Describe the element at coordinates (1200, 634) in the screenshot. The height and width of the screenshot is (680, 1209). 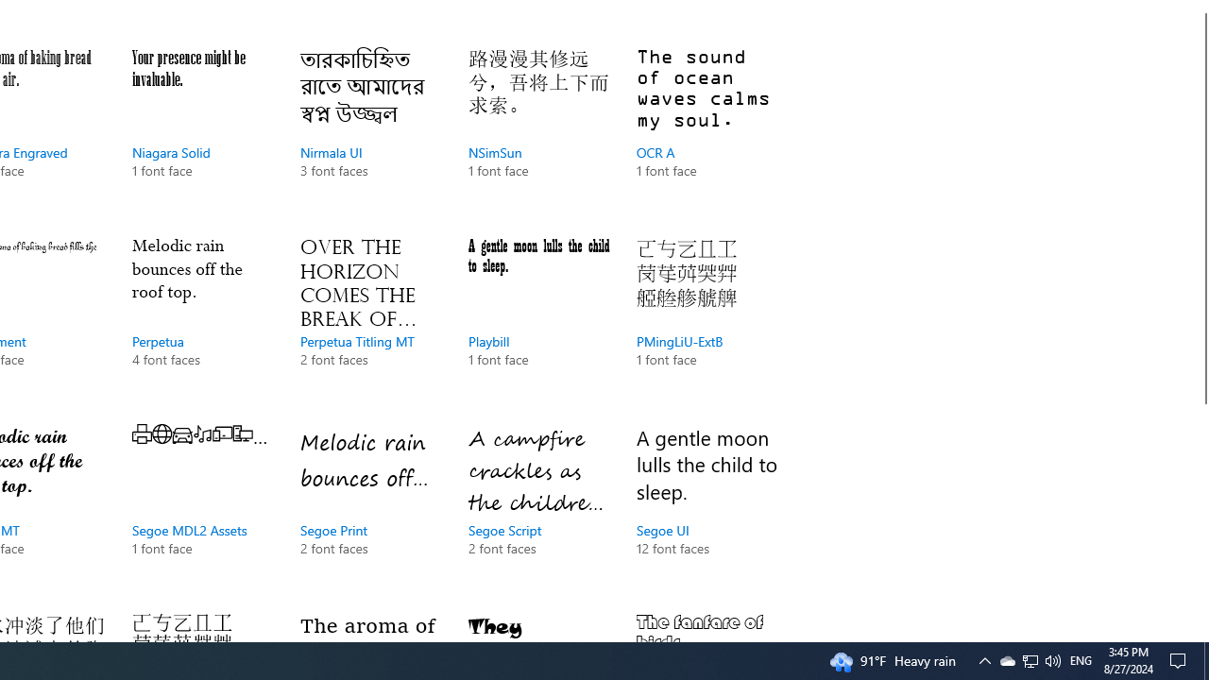
I see `'Vertical Small Increase'` at that location.